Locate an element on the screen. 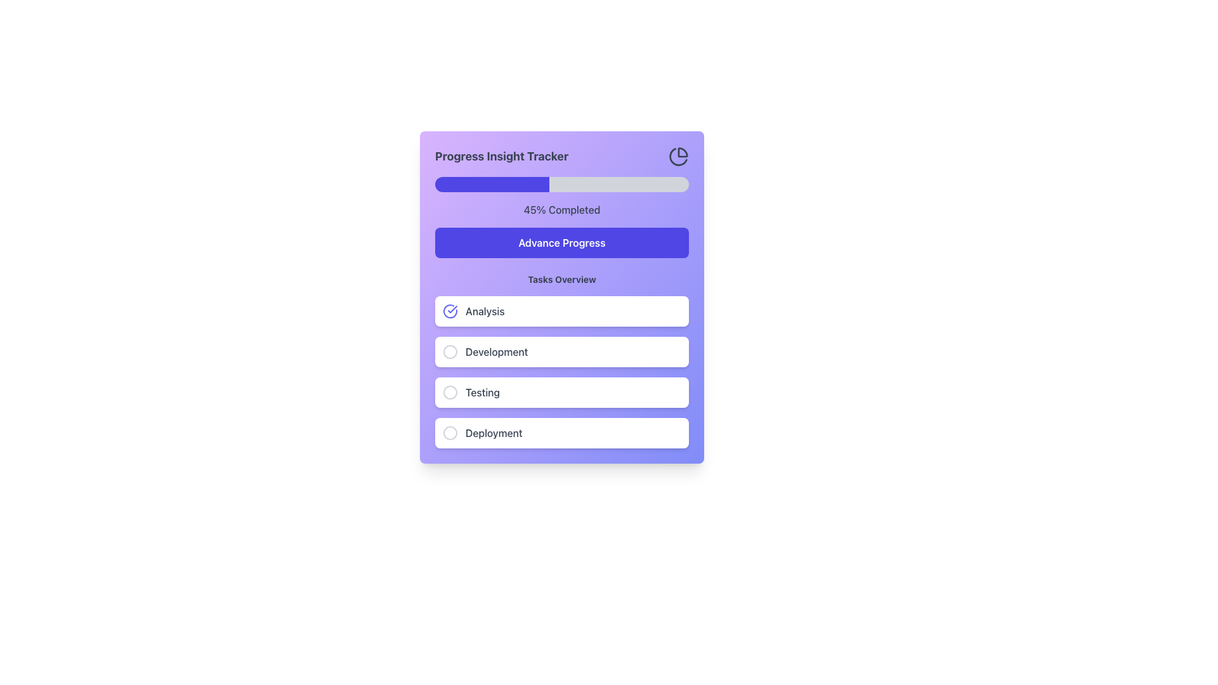 Image resolution: width=1218 pixels, height=685 pixels. the first radio button associated with the 'Testing' task in the 'Tasks Overview' section is located at coordinates (450, 391).